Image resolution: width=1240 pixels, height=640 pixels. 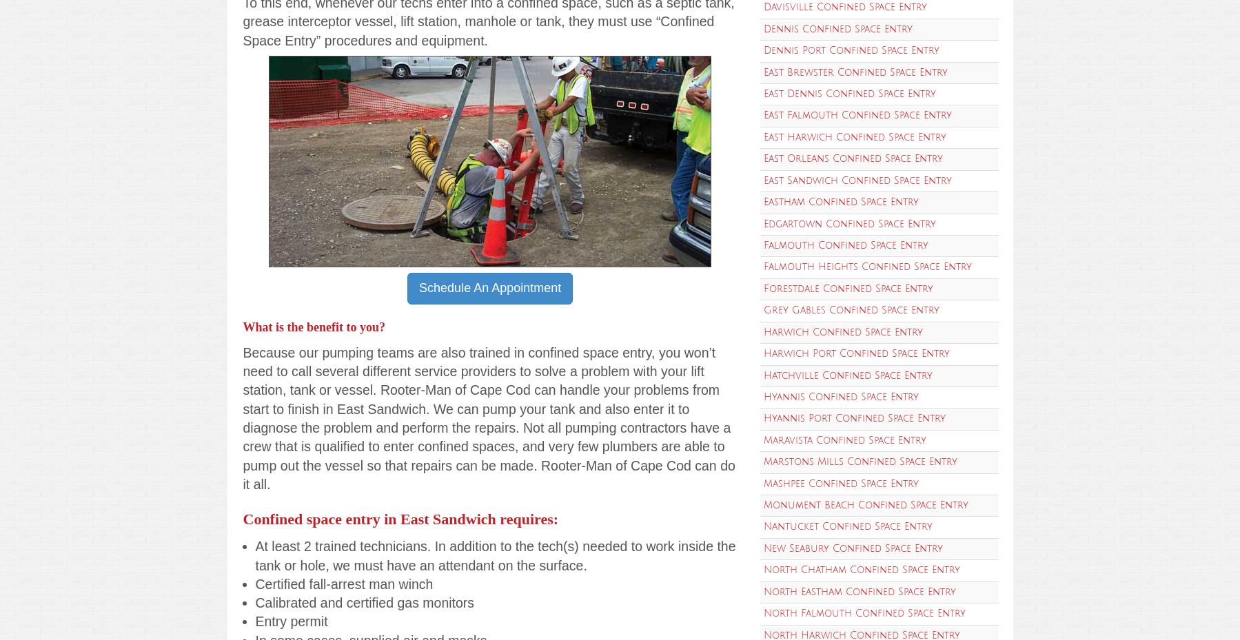 What do you see at coordinates (840, 483) in the screenshot?
I see `'Mashpee Confined Space Entry'` at bounding box center [840, 483].